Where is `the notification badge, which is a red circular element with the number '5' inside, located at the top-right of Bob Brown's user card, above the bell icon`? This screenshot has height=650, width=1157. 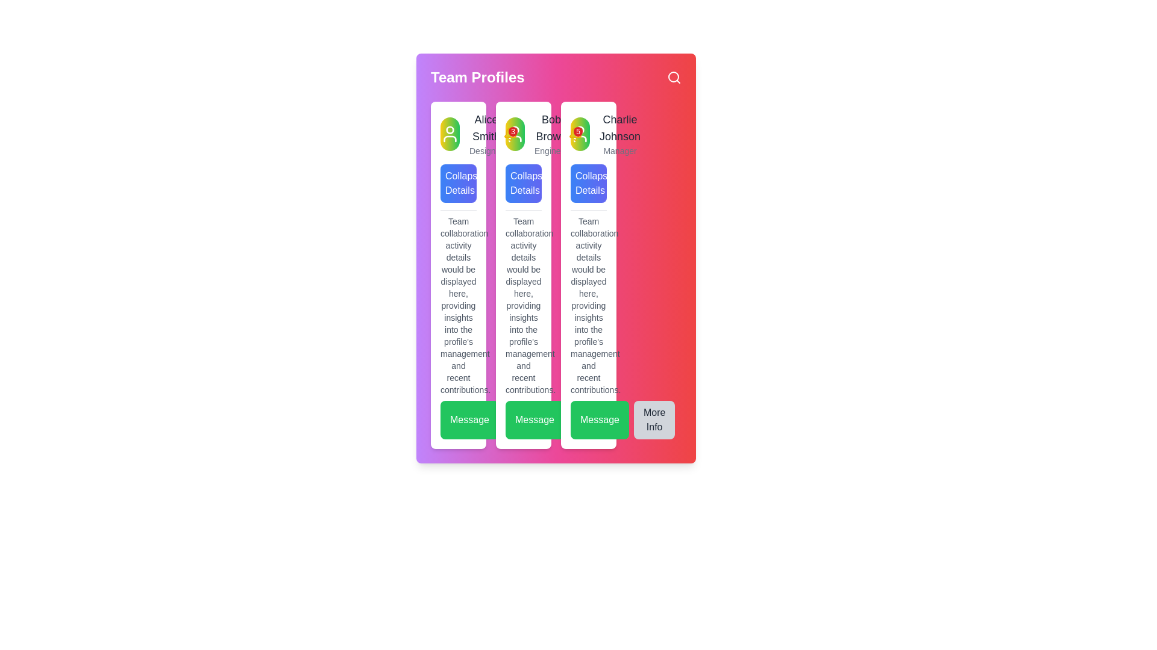 the notification badge, which is a red circular element with the number '5' inside, located at the top-right of Bob Brown's user card, above the bell icon is located at coordinates (575, 134).